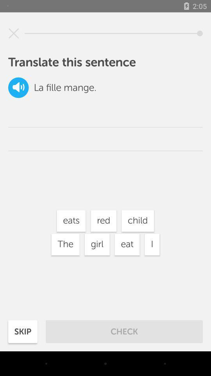  I want to click on the volume icon, so click(18, 87).